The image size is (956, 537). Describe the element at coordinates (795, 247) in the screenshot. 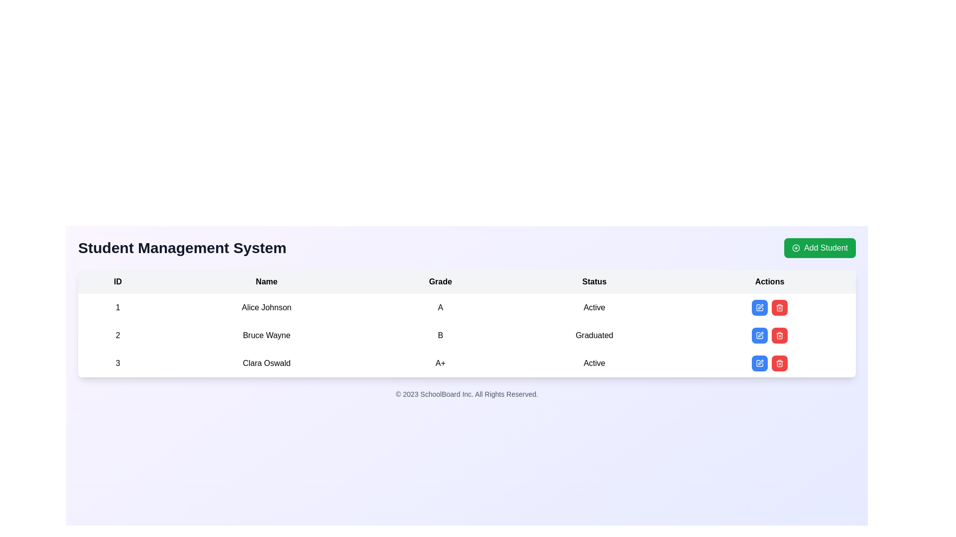

I see `the 'Add' icon located within the green 'Add Student' button at the top-right corner of the interface` at that location.